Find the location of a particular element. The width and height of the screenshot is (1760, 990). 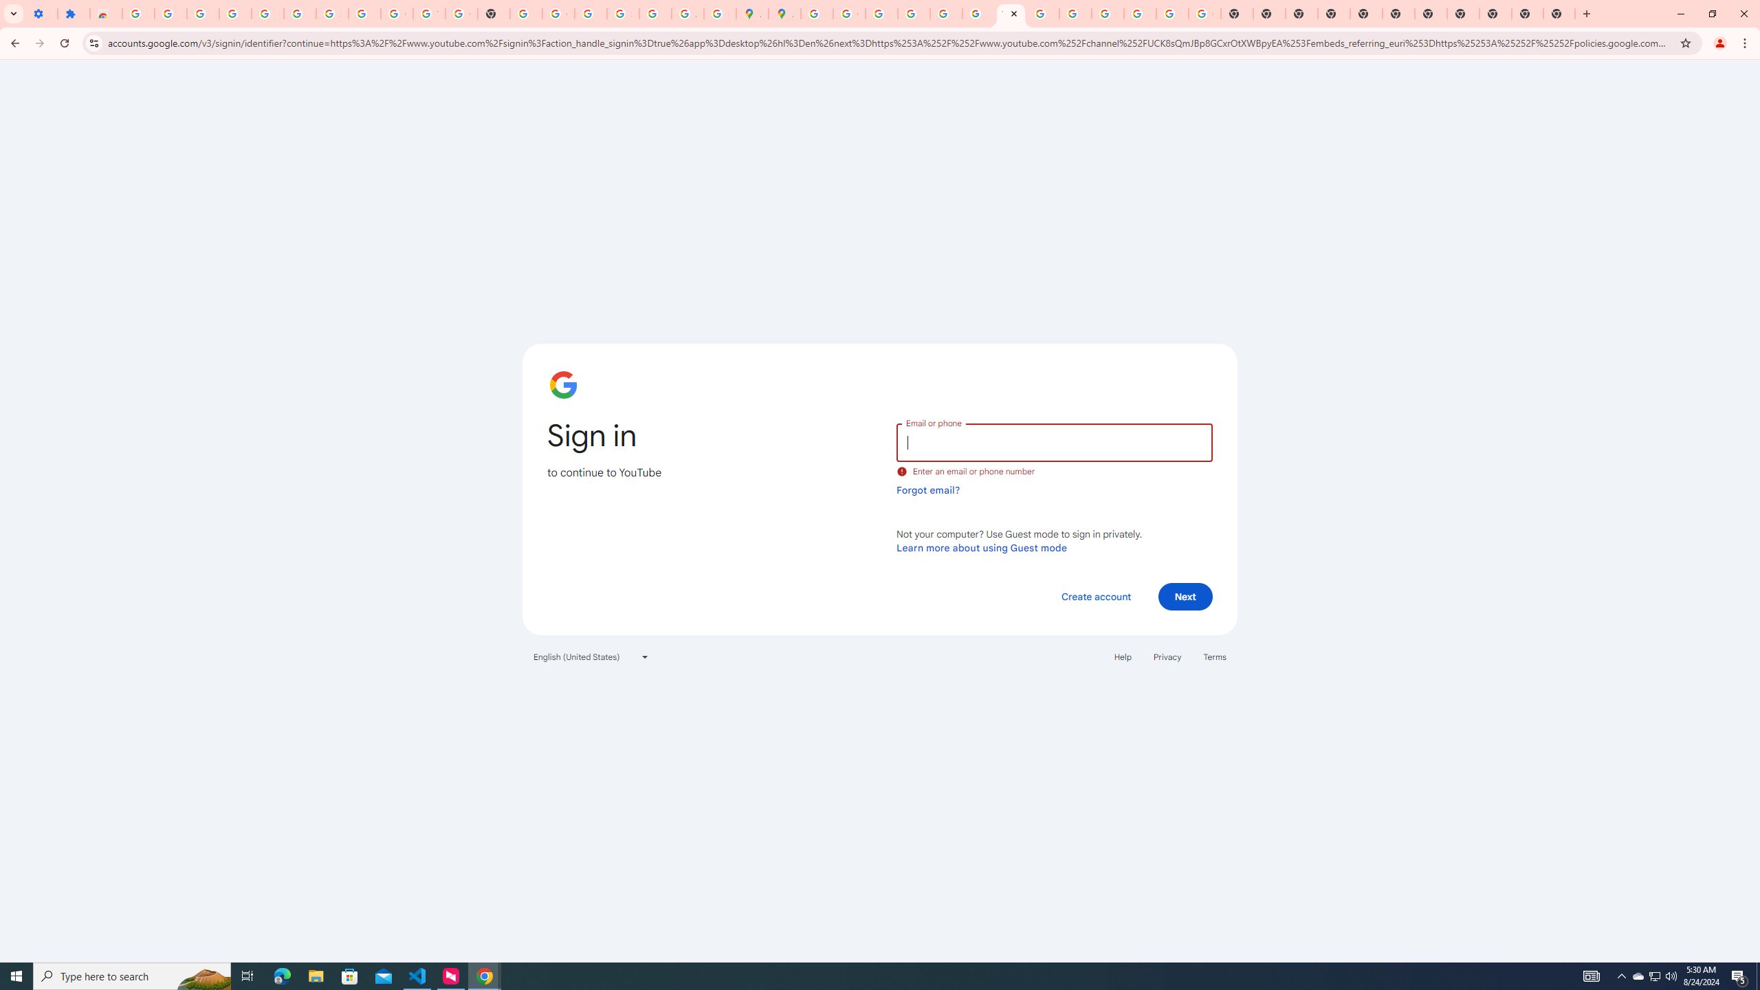

'New Tab' is located at coordinates (1494, 13).